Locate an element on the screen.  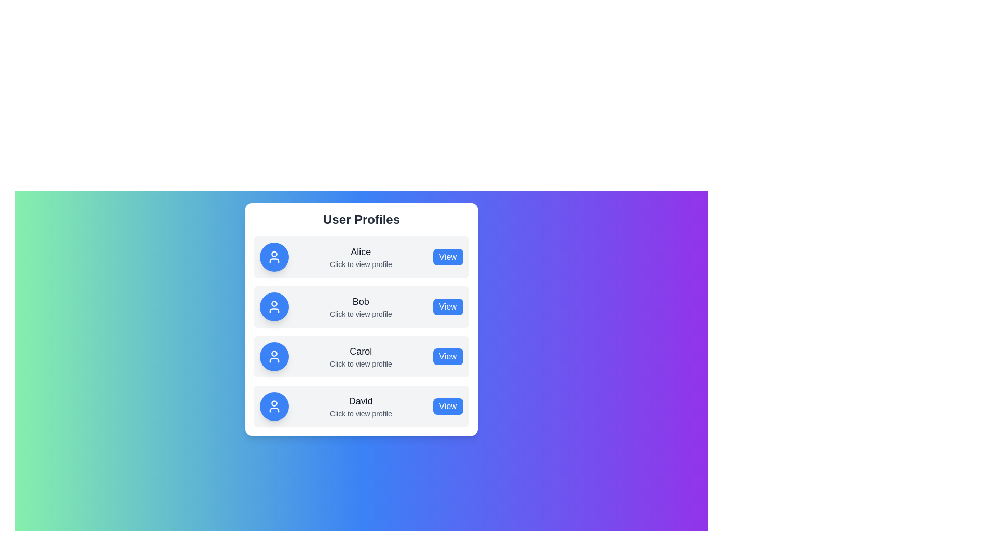
text label displaying 'David' and 'Click to view profile', which is the fourth user profile in the list is located at coordinates (361, 405).